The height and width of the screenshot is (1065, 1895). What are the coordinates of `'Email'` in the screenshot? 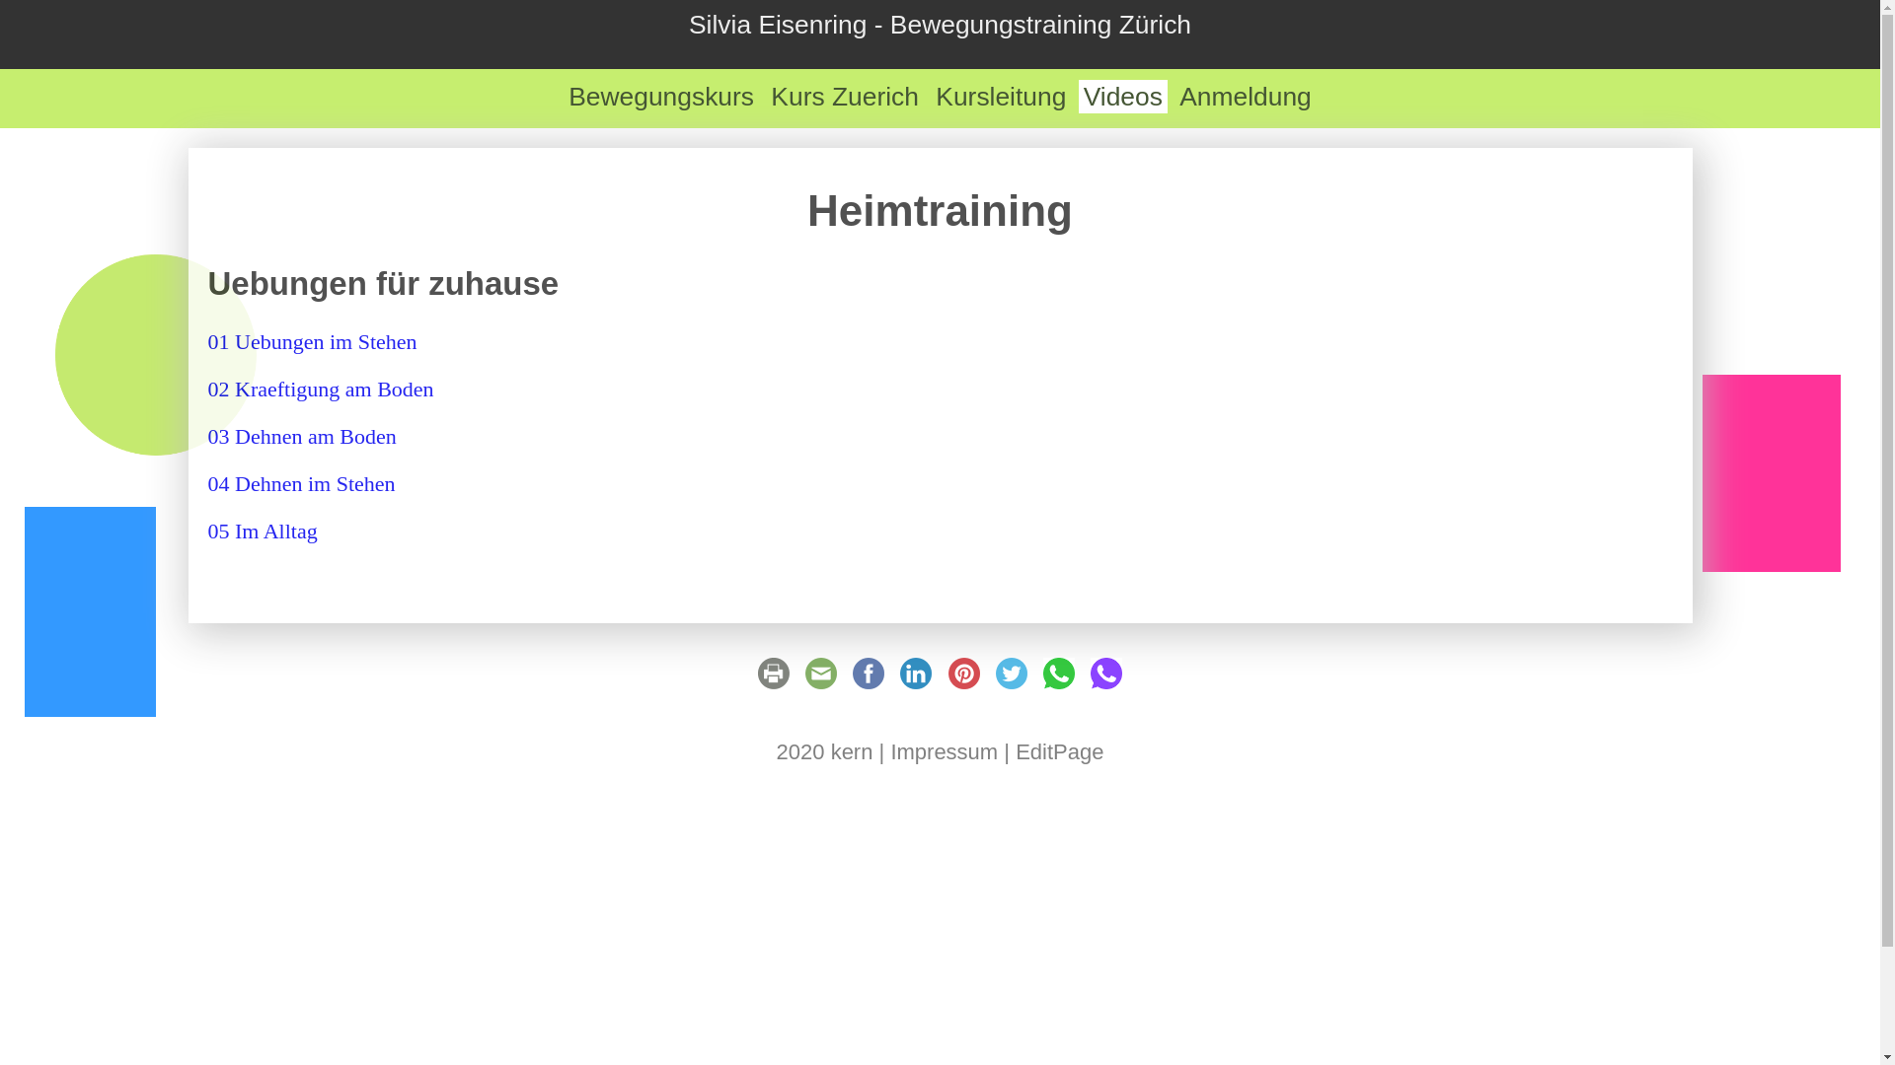 It's located at (820, 680).